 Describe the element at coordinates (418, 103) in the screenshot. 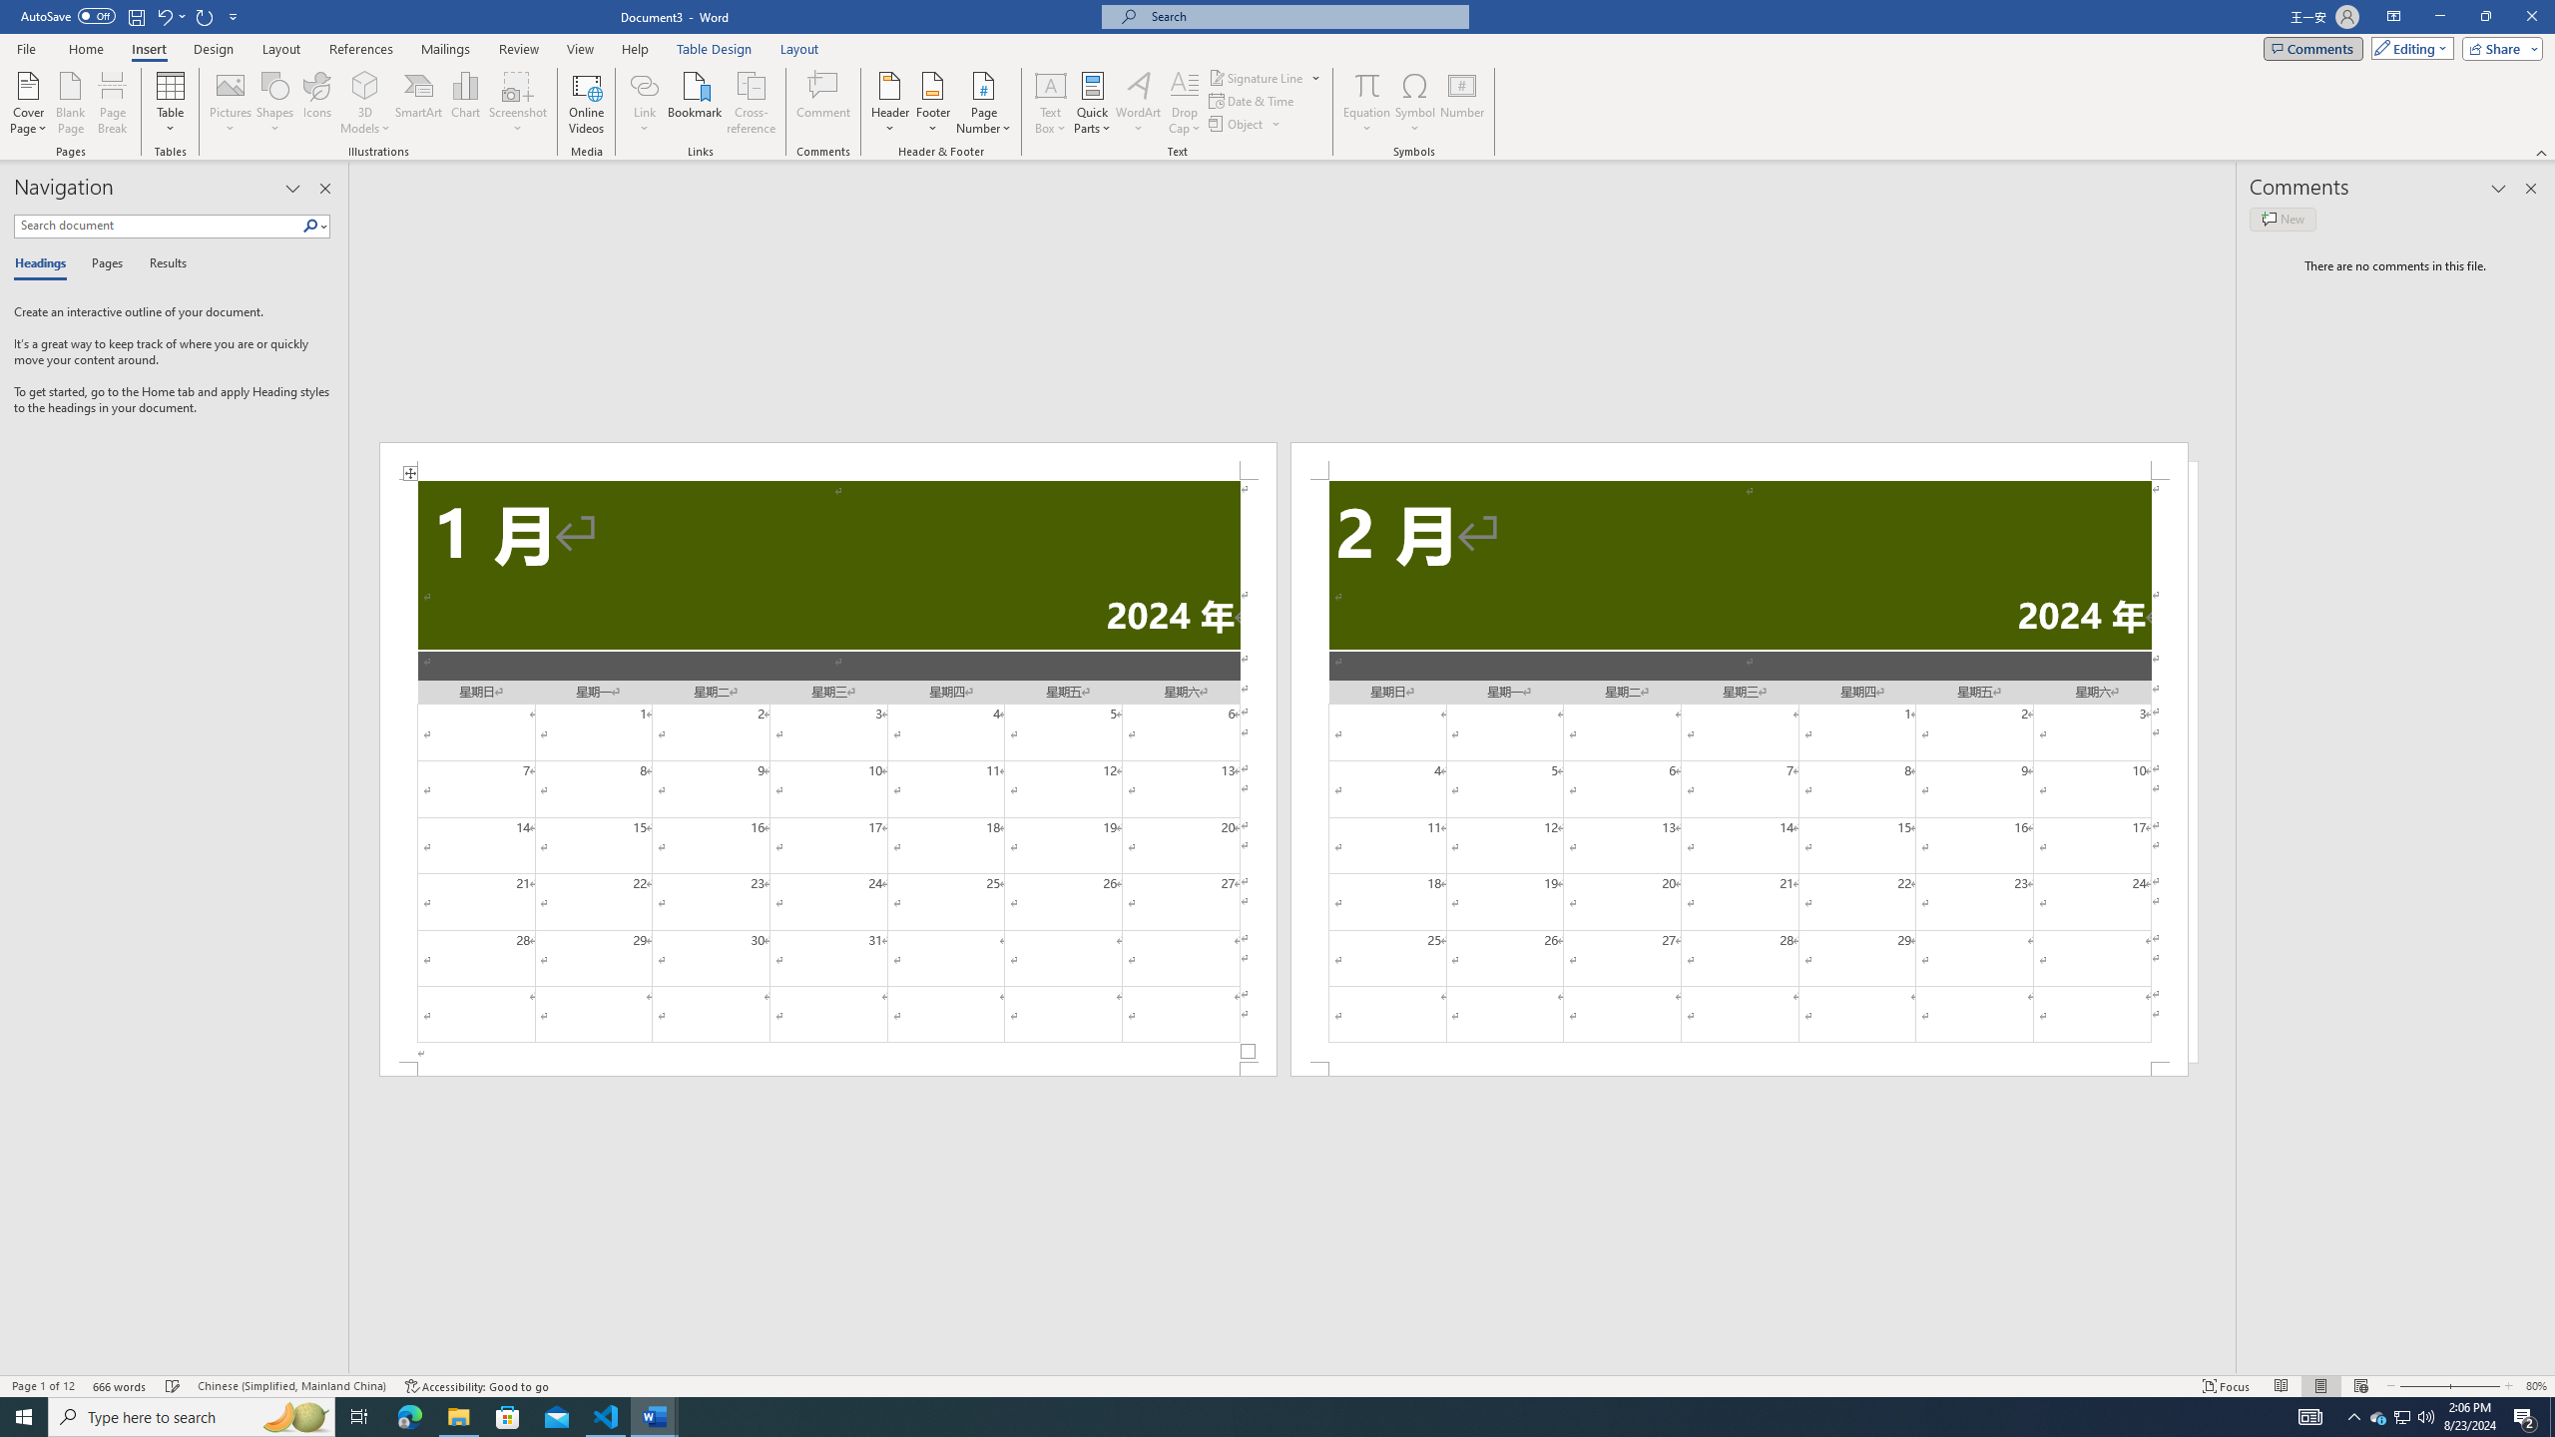

I see `'SmartArt...'` at that location.